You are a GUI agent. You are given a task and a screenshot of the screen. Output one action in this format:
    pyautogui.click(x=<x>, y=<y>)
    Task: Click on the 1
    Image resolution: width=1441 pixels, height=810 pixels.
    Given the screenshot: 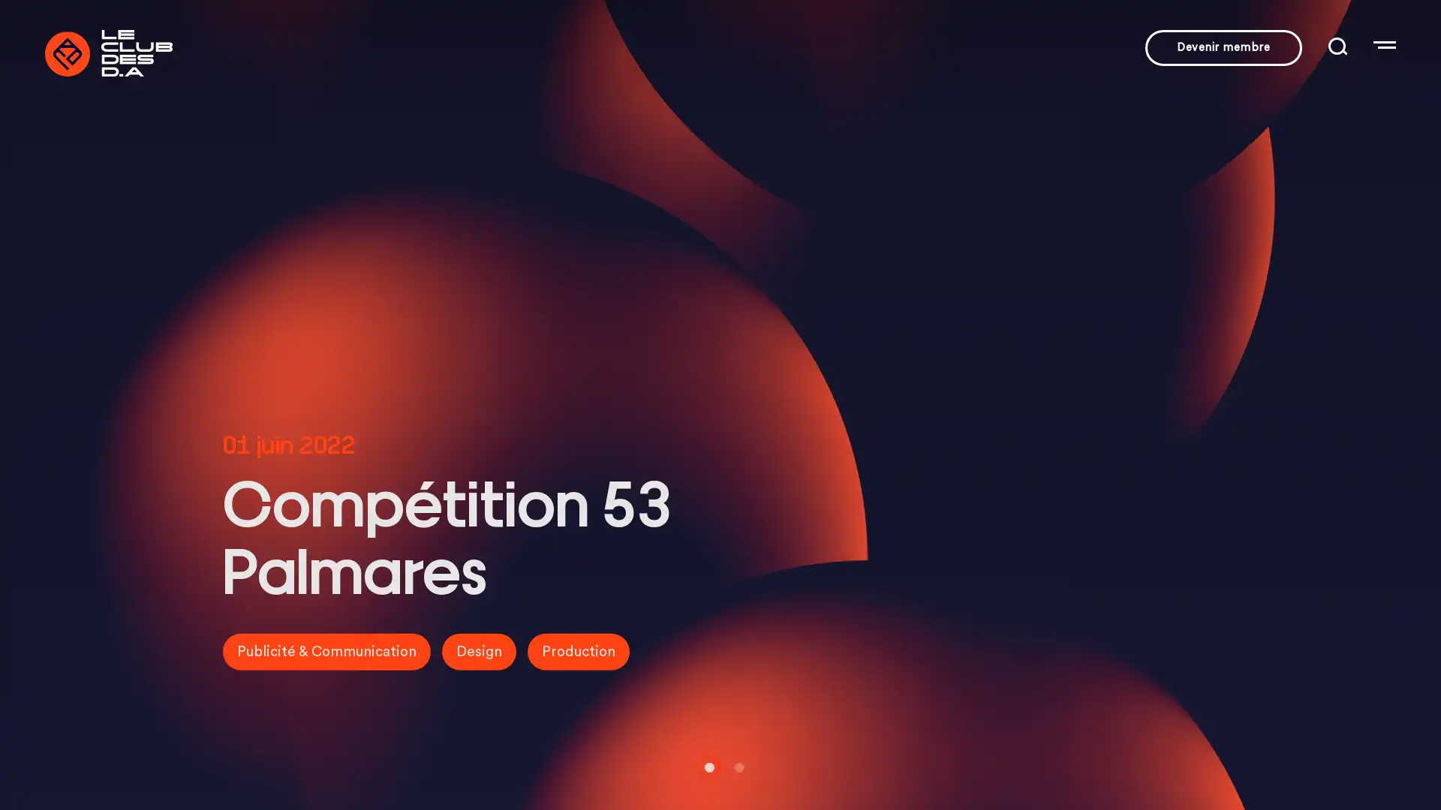 What is the action you would take?
    pyautogui.click(x=705, y=767)
    